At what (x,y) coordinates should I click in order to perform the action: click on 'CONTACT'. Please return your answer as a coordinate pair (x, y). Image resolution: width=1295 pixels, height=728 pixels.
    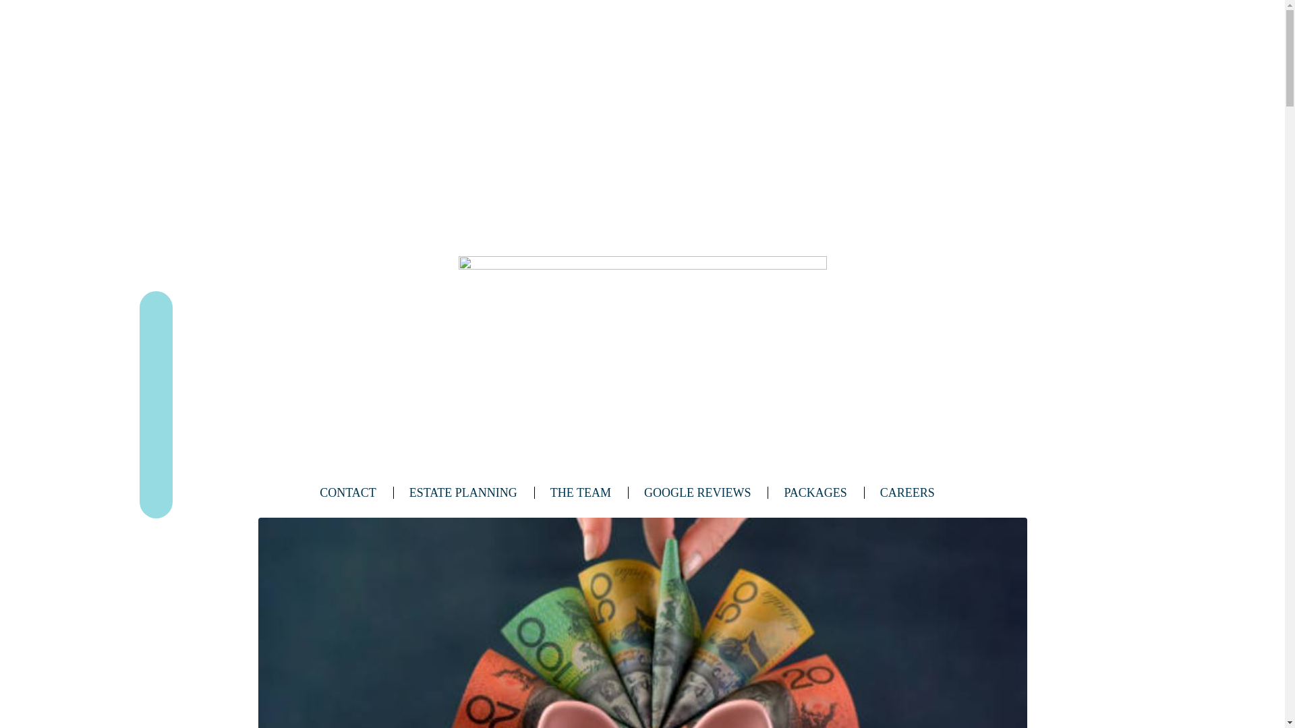
    Looking at the image, I should click on (356, 493).